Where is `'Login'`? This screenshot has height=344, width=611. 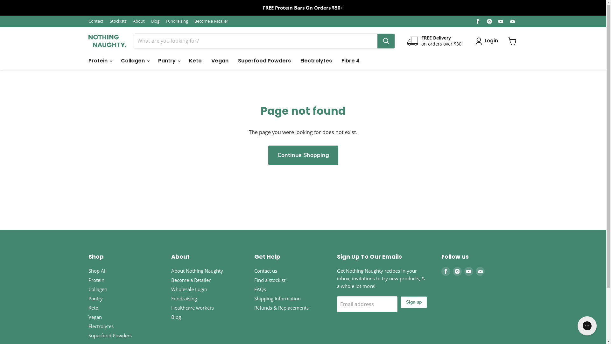 'Login' is located at coordinates (490, 40).